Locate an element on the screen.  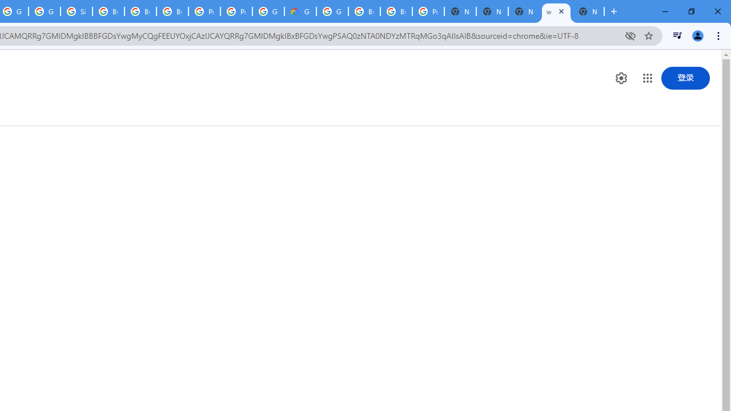
'Google Cloud Platform' is located at coordinates (332, 11).